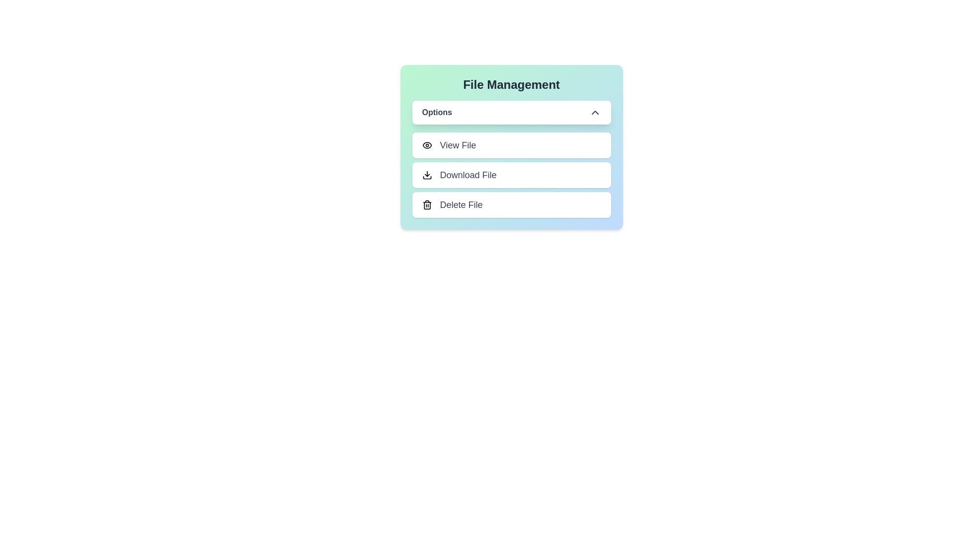  What do you see at coordinates (511, 175) in the screenshot?
I see `the menu option Download File by clicking on it` at bounding box center [511, 175].